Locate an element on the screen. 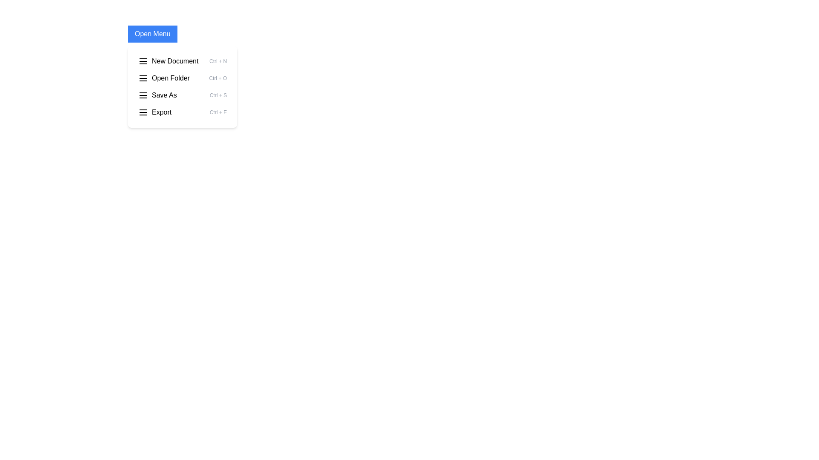  the menu icon consisting of three horizontal lines, located to the left of the 'New Document' text is located at coordinates (143, 60).